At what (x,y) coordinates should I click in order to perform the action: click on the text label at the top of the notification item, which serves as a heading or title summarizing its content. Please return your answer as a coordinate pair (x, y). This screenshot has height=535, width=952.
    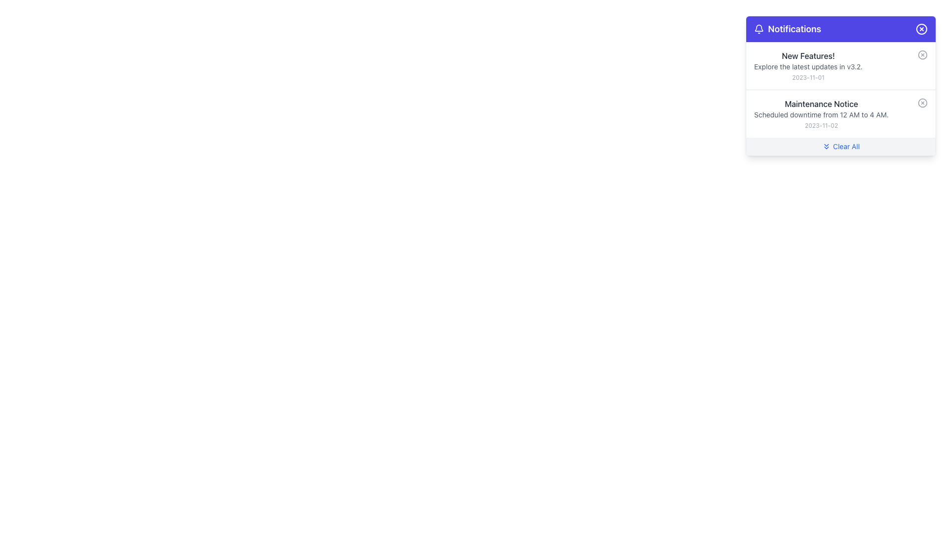
    Looking at the image, I should click on (808, 55).